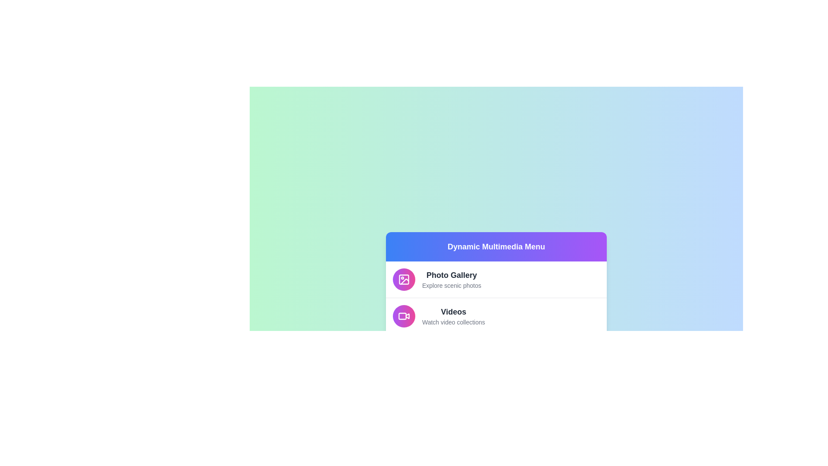  I want to click on the menu item labeled Photo Gallery to navigate to its respective section, so click(496, 279).